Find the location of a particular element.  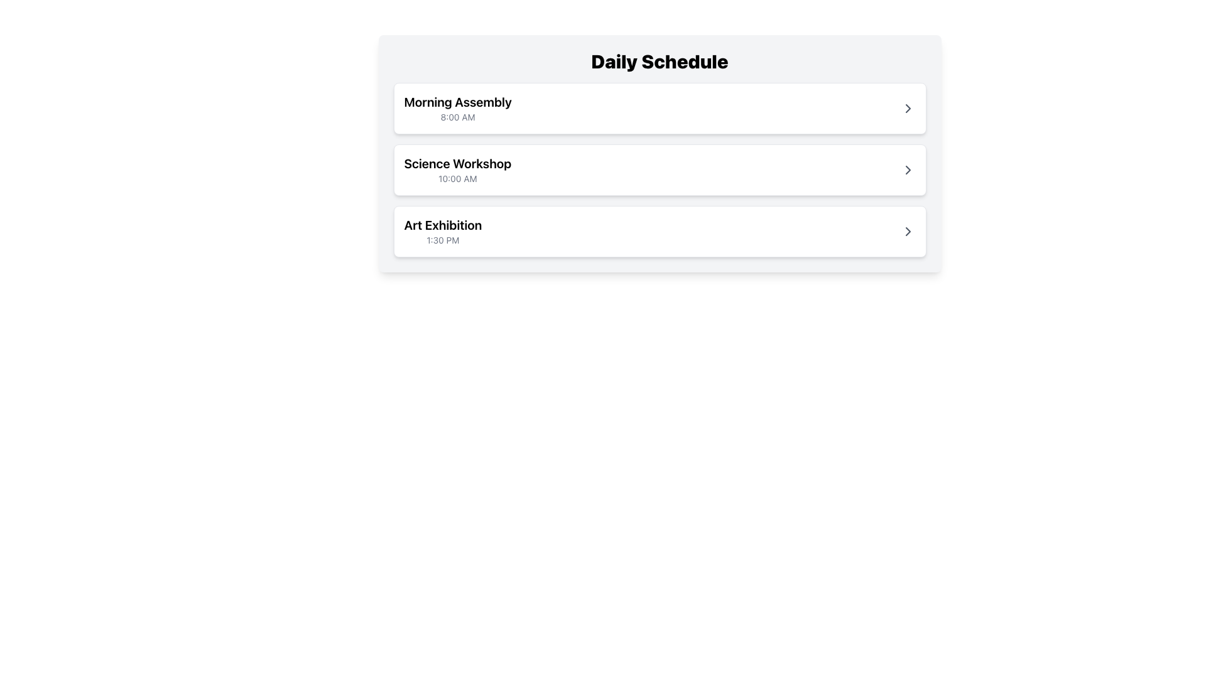

text label that specifies the time for the 'Morning Assembly' activity, located underneath the 'Morning Assembly' title within the first card of the 'Daily Schedule' list is located at coordinates (457, 117).